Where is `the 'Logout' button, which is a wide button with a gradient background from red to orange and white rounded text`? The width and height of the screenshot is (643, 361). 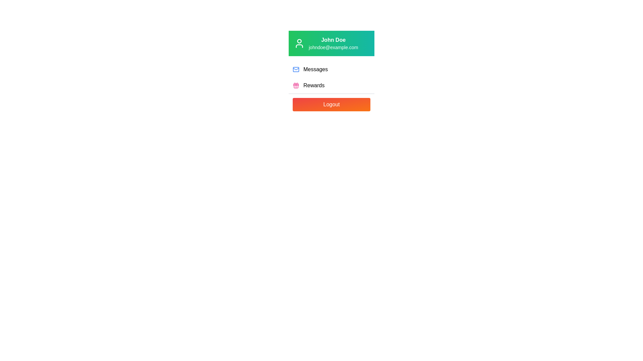 the 'Logout' button, which is a wide button with a gradient background from red to orange and white rounded text is located at coordinates (331, 104).